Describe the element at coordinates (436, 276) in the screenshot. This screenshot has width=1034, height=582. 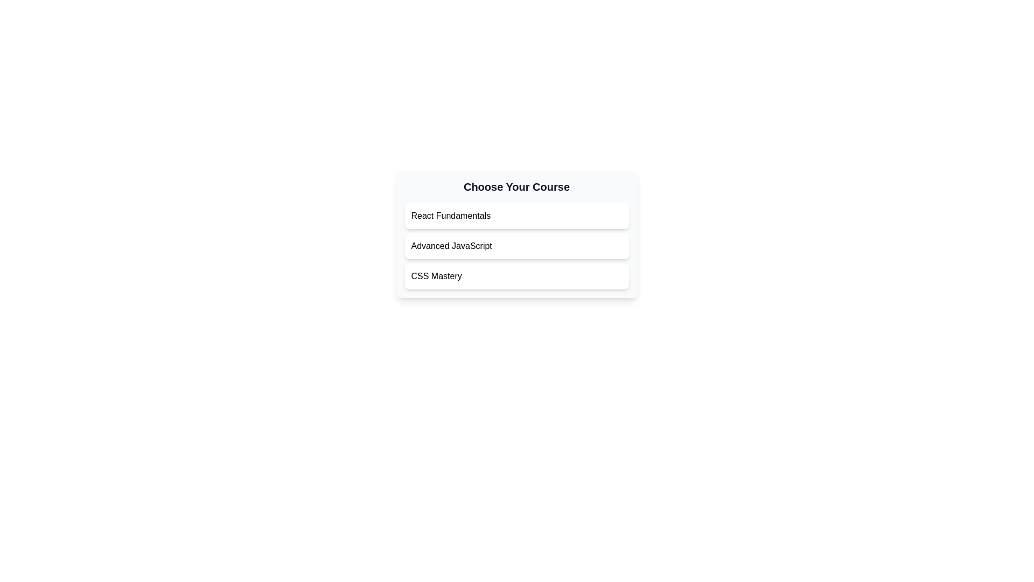
I see `the radio option labeled 'CSS Mastery', which is the third selectable option` at that location.